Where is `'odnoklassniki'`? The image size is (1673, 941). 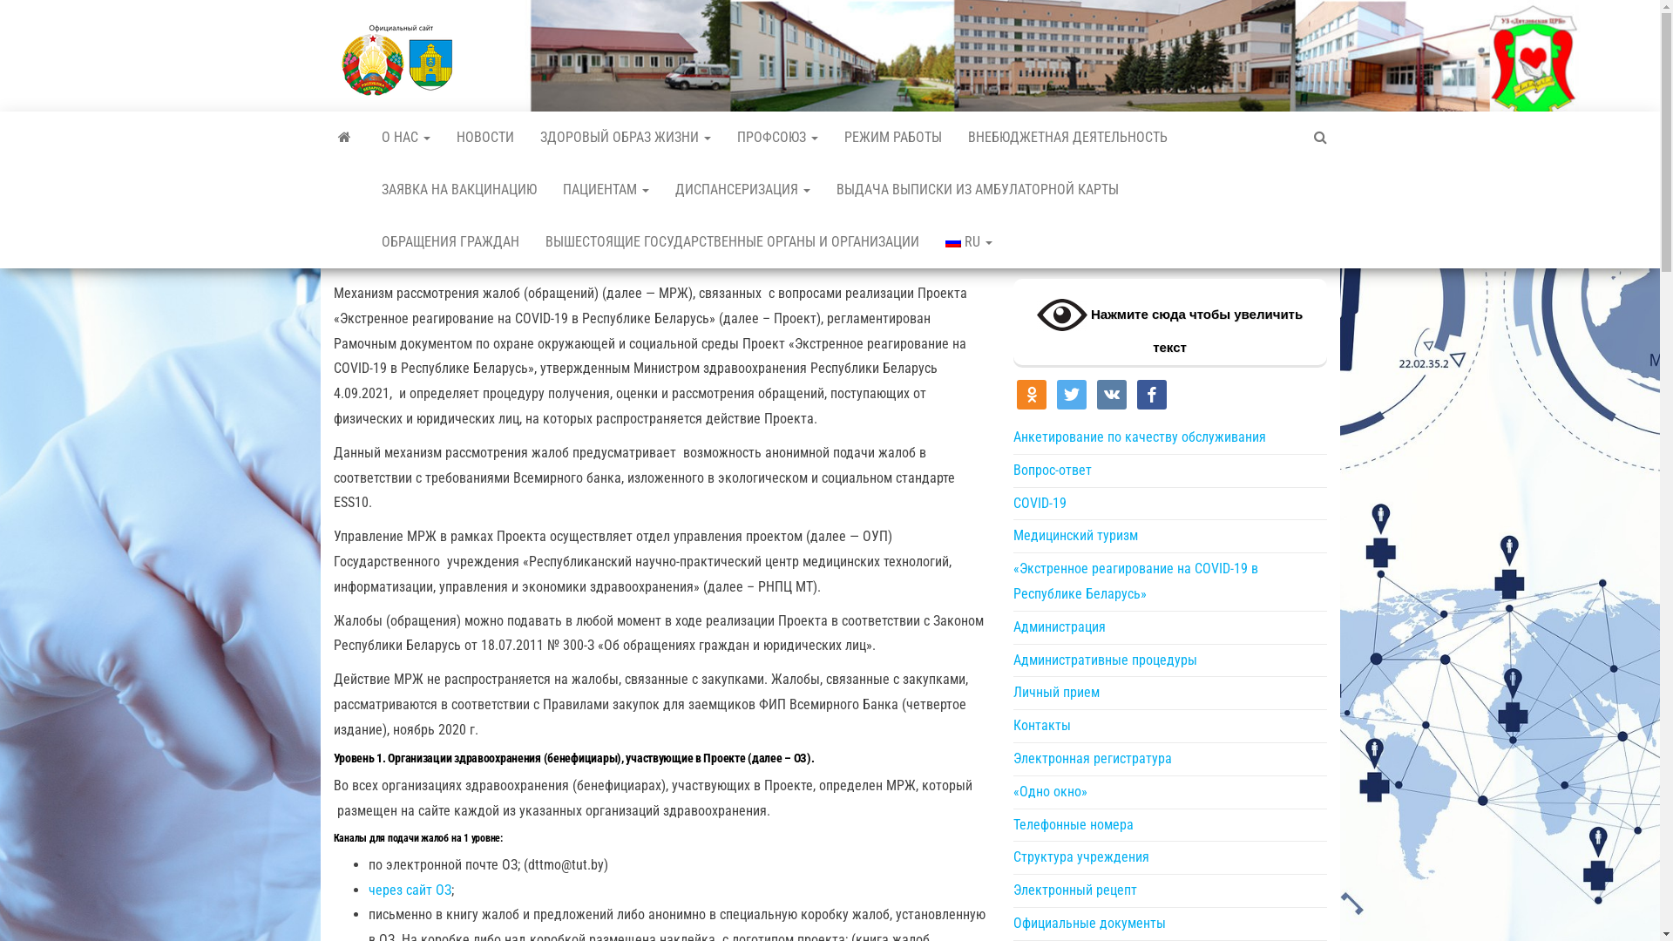 'odnoklassniki' is located at coordinates (1030, 393).